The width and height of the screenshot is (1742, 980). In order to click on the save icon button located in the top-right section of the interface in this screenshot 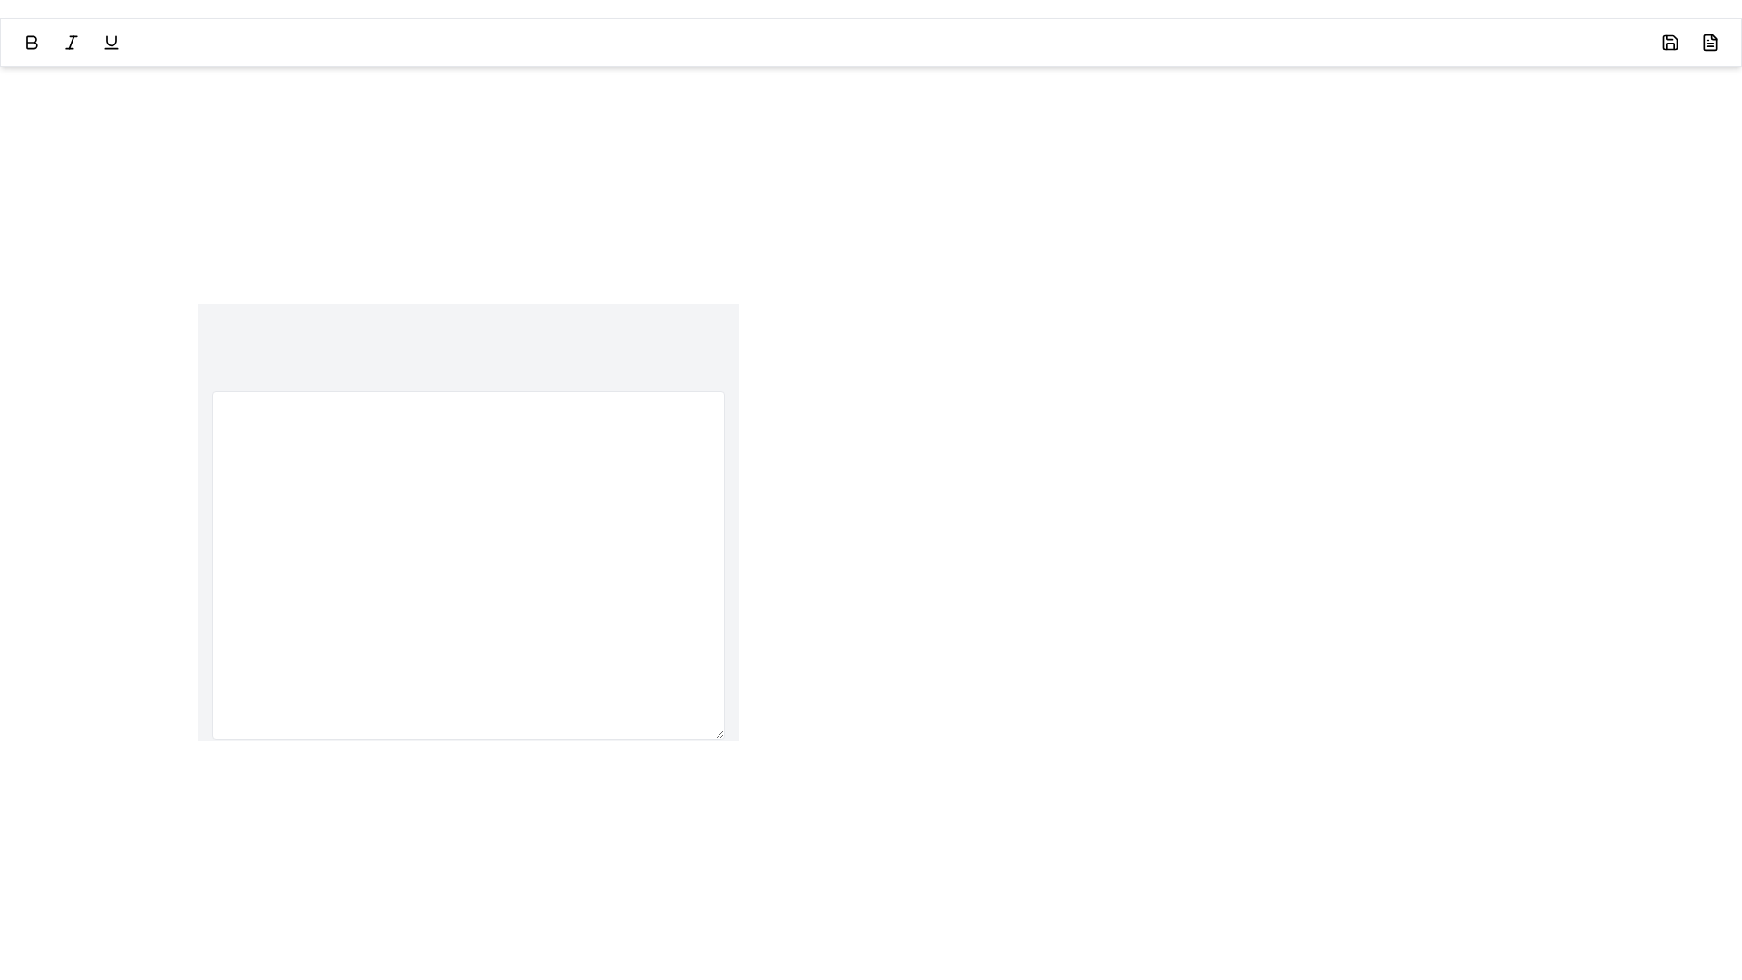, I will do `click(1669, 41)`.